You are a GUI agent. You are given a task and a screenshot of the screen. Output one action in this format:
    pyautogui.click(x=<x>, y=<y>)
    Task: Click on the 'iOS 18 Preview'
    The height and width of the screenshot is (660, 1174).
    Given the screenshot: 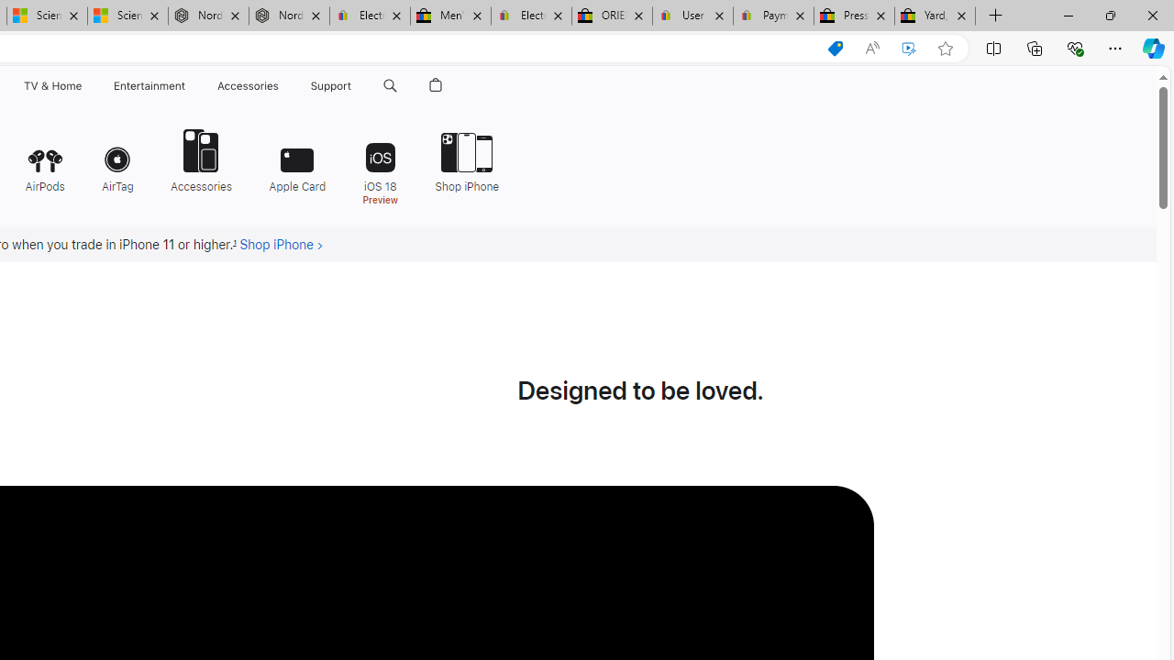 What is the action you would take?
    pyautogui.click(x=379, y=165)
    